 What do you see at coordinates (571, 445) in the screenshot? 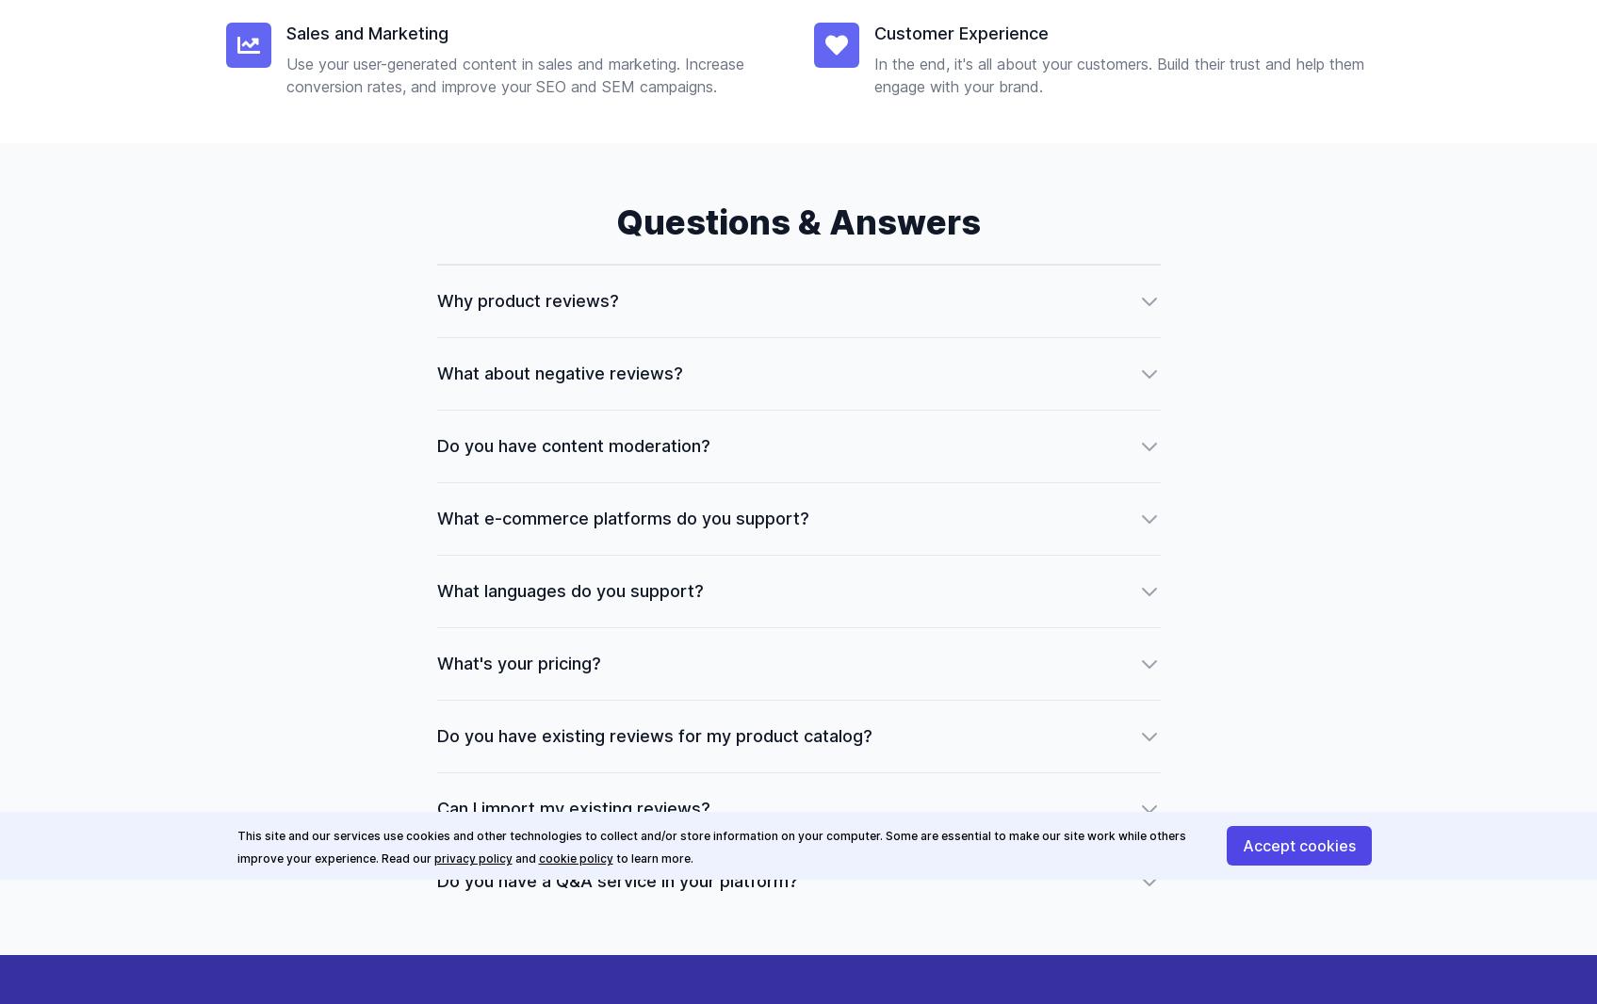
I see `'Do you have content moderation?'` at bounding box center [571, 445].